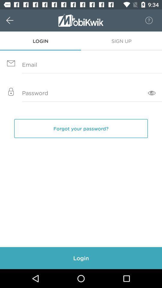  What do you see at coordinates (16, 20) in the screenshot?
I see `the item to the left of r item` at bounding box center [16, 20].